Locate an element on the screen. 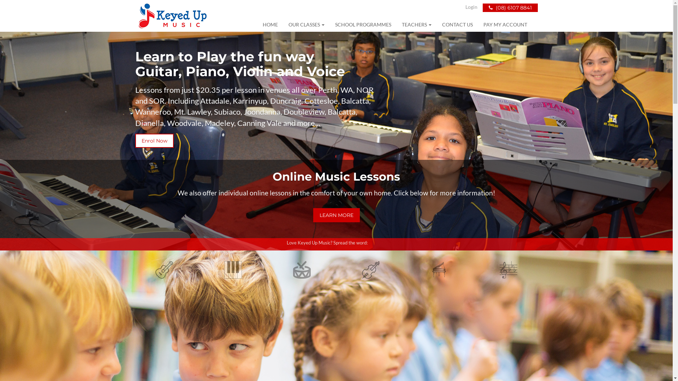 The width and height of the screenshot is (678, 381). 'Enrol Now' is located at coordinates (135, 140).